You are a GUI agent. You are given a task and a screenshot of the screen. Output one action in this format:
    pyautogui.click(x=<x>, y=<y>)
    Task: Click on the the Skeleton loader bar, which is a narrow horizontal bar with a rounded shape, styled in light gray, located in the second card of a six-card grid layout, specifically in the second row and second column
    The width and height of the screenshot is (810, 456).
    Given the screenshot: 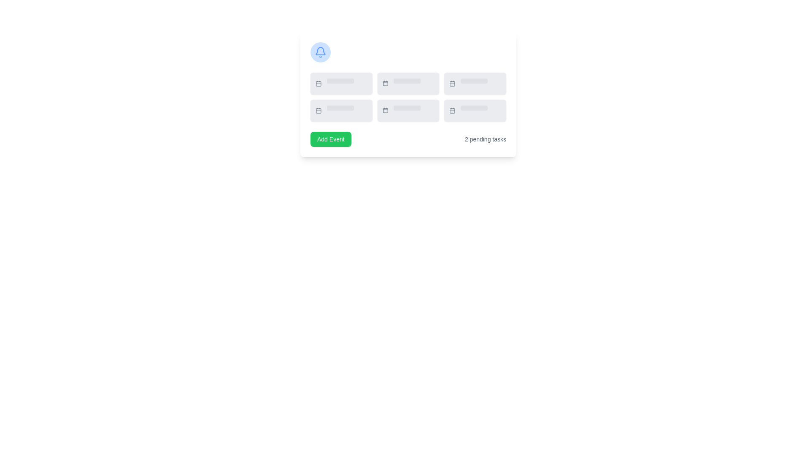 What is the action you would take?
    pyautogui.click(x=414, y=114)
    